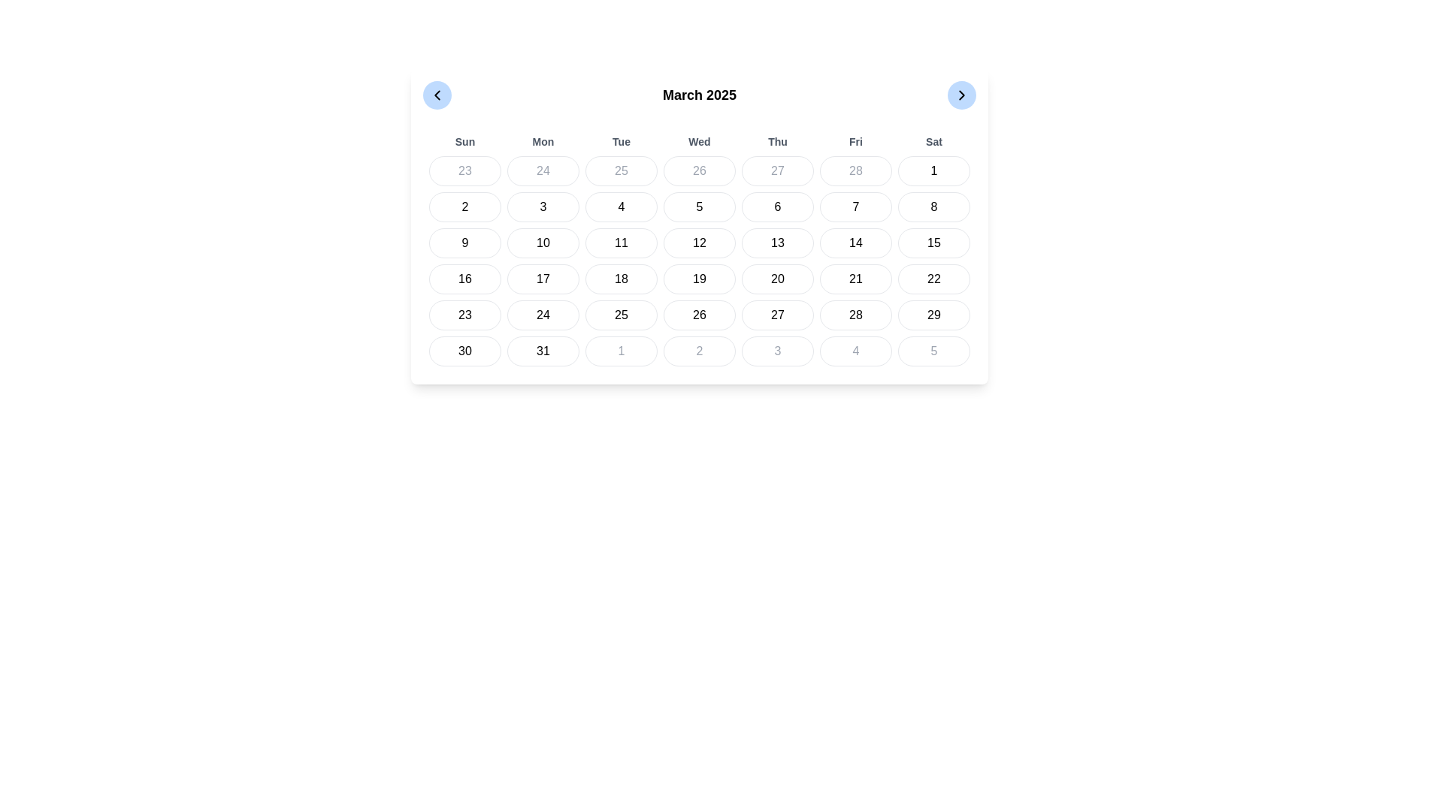 The width and height of the screenshot is (1443, 811). What do you see at coordinates (933, 279) in the screenshot?
I see `the button representing the 22nd day of the month, which is the last button in a horizontal group of buttons numbered 16 to 22` at bounding box center [933, 279].